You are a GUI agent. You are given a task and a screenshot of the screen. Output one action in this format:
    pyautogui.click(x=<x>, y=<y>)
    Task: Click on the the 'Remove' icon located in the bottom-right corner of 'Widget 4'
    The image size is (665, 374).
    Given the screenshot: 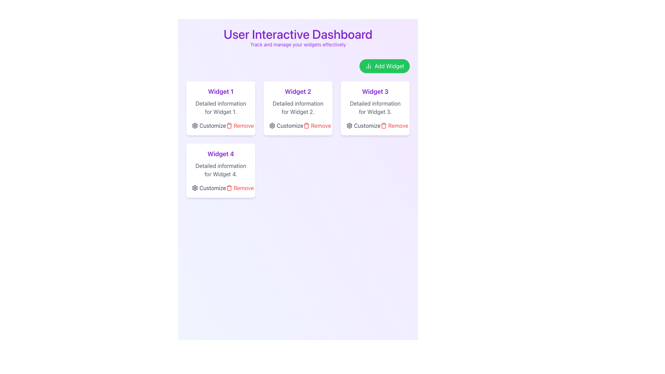 What is the action you would take?
    pyautogui.click(x=229, y=188)
    